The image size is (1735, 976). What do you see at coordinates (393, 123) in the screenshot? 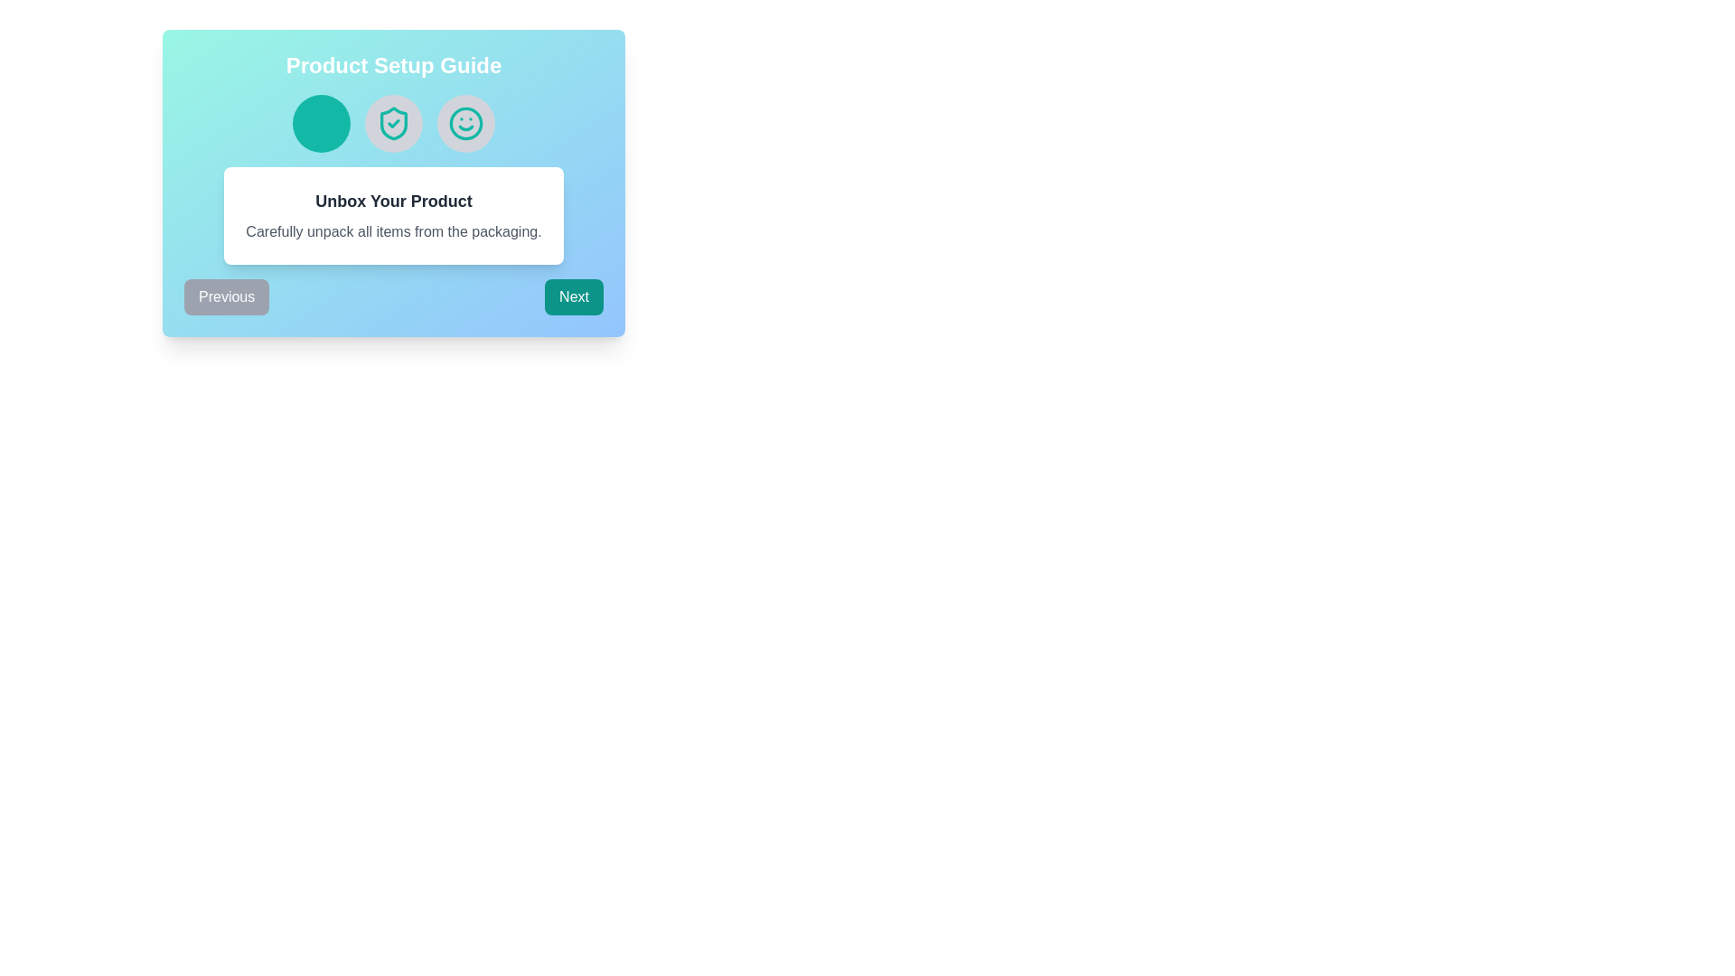
I see `the shield-like icon with a checkmark inside, which is the second icon in a sequence of three icons, located at the upper portion of the modal` at bounding box center [393, 123].